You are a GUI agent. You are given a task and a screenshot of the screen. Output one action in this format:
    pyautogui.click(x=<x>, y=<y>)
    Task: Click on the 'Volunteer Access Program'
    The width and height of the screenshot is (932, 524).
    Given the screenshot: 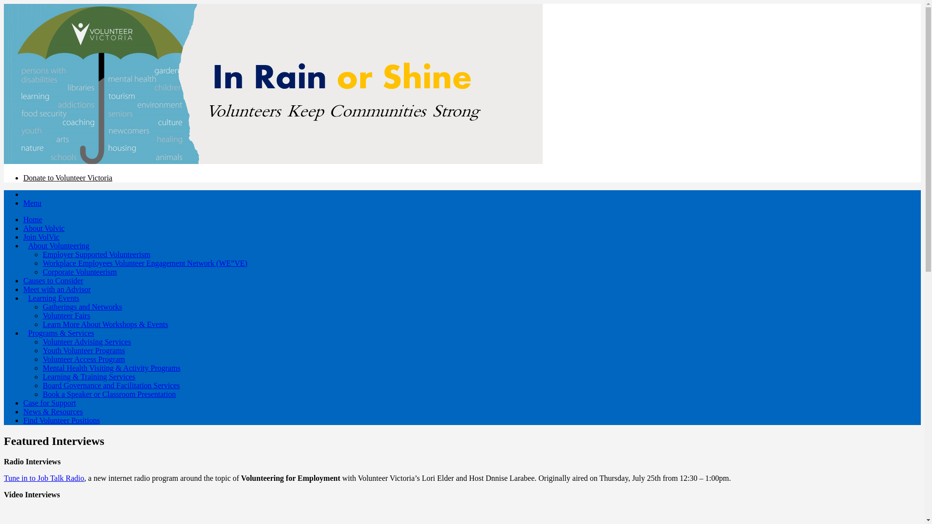 What is the action you would take?
    pyautogui.click(x=83, y=359)
    